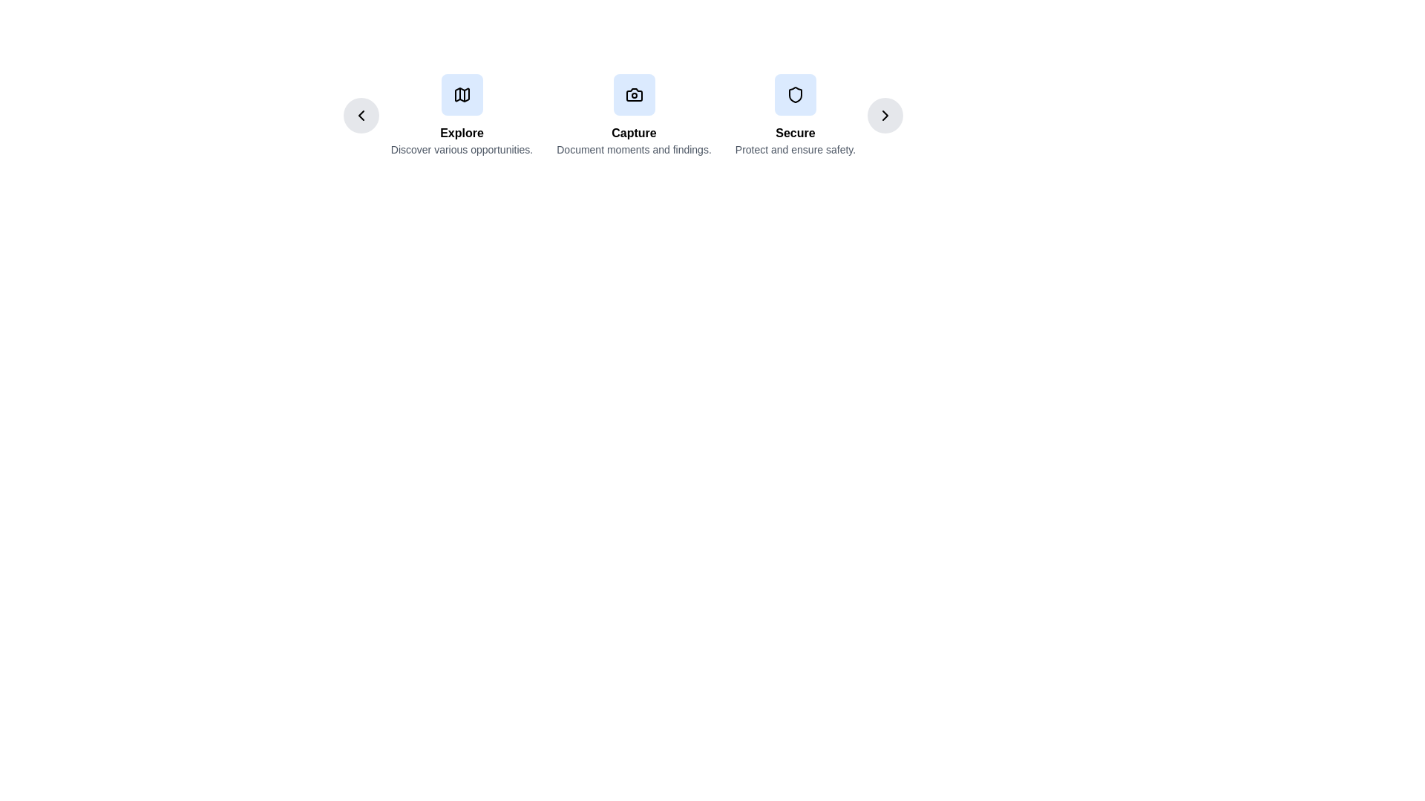 The width and height of the screenshot is (1425, 801). What do you see at coordinates (634, 94) in the screenshot?
I see `the camera icon located in the center of the second item in a row of three, part of the 'Capture' section` at bounding box center [634, 94].